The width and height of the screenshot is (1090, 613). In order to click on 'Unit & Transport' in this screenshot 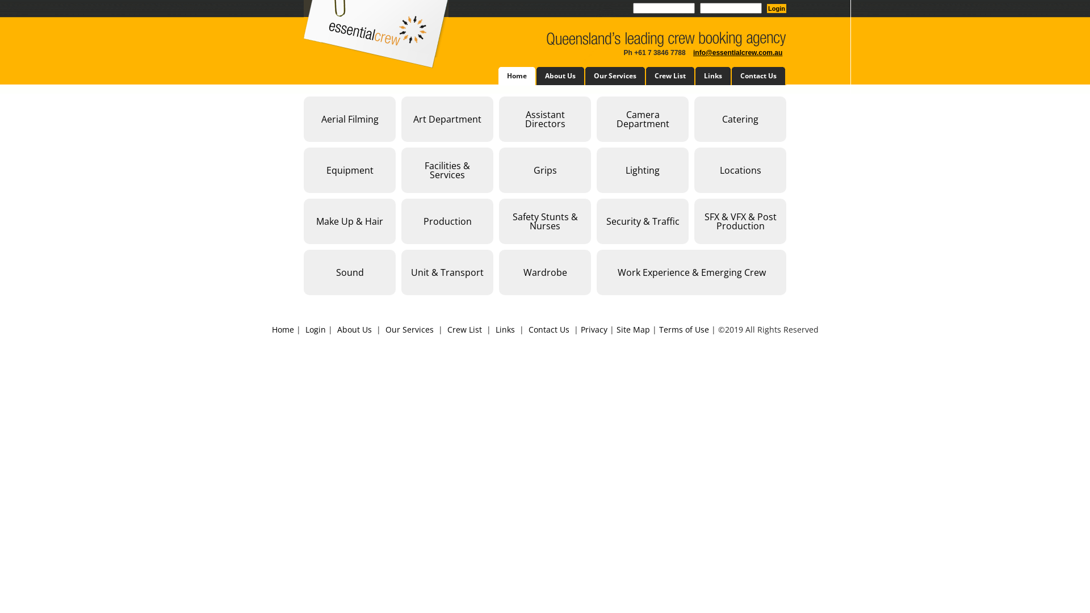, I will do `click(446, 272)`.